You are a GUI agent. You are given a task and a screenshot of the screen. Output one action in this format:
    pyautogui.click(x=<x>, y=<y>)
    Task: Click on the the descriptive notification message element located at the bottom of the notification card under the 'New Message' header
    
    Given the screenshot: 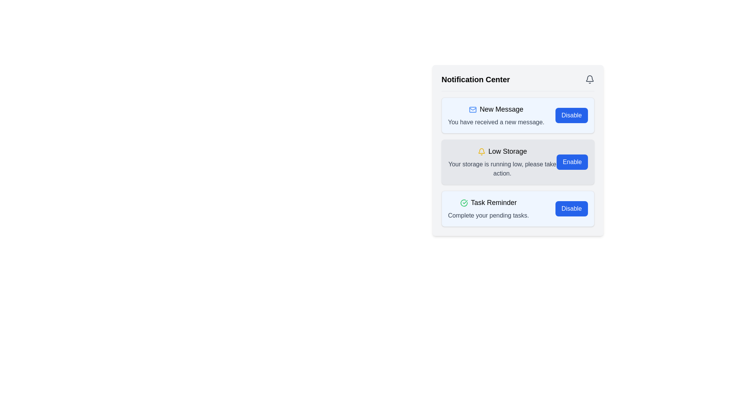 What is the action you would take?
    pyautogui.click(x=496, y=122)
    